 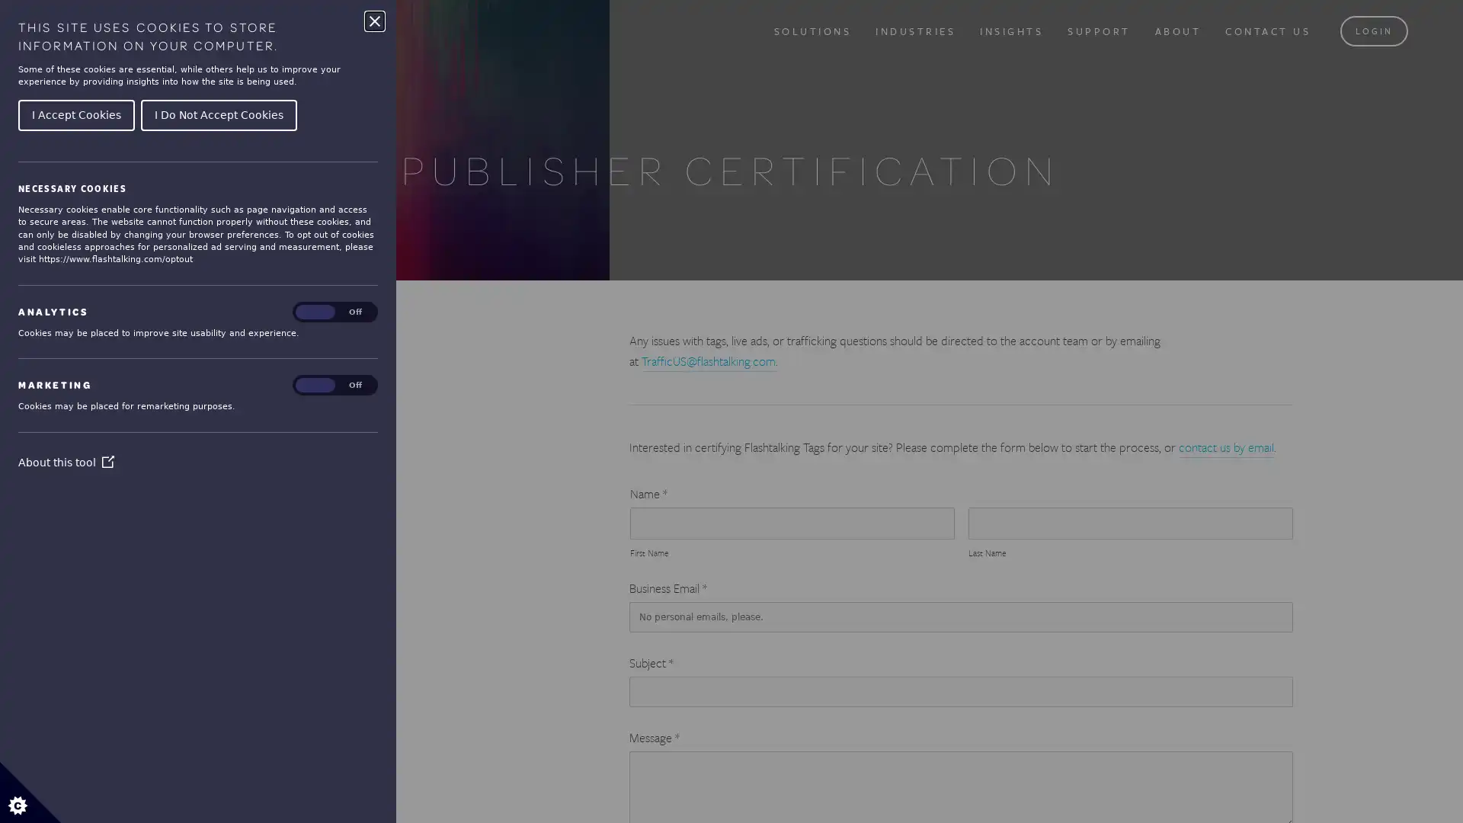 I want to click on I Do Not Accept Cookies, so click(x=218, y=114).